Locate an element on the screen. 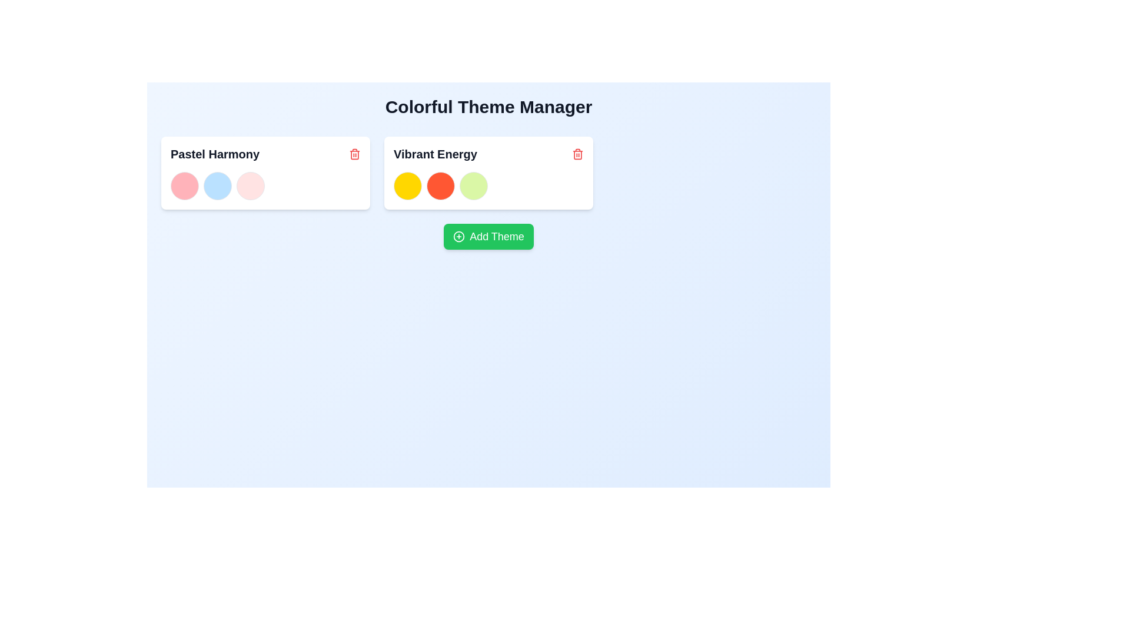 This screenshot has height=636, width=1130. the leftmost circular visual indicator representing a color attribute in the 'Vibrant Energy' section on the right side of the interface is located at coordinates (407, 185).